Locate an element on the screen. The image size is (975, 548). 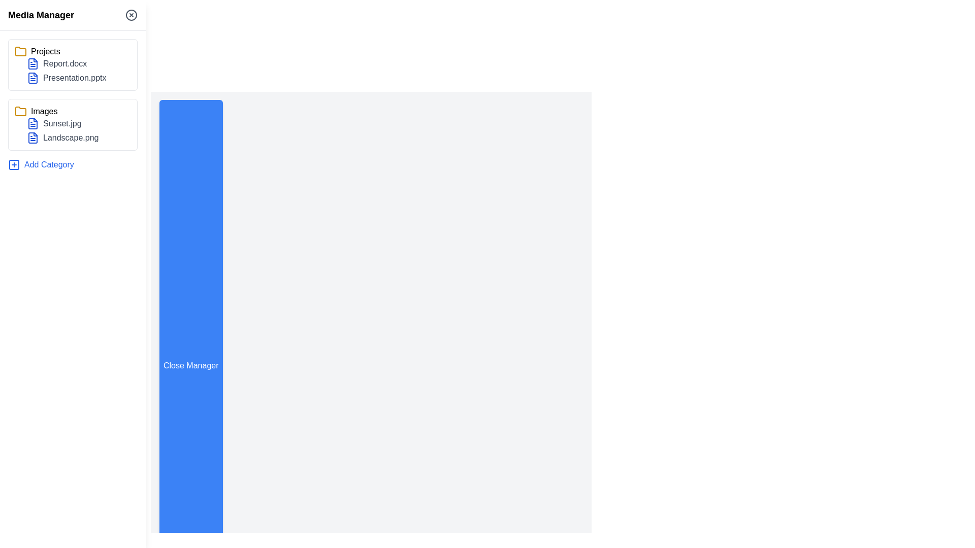
the document icon for 'Sunset.jpg' located in the left sidebar under the 'Images' folder is located at coordinates (33, 123).